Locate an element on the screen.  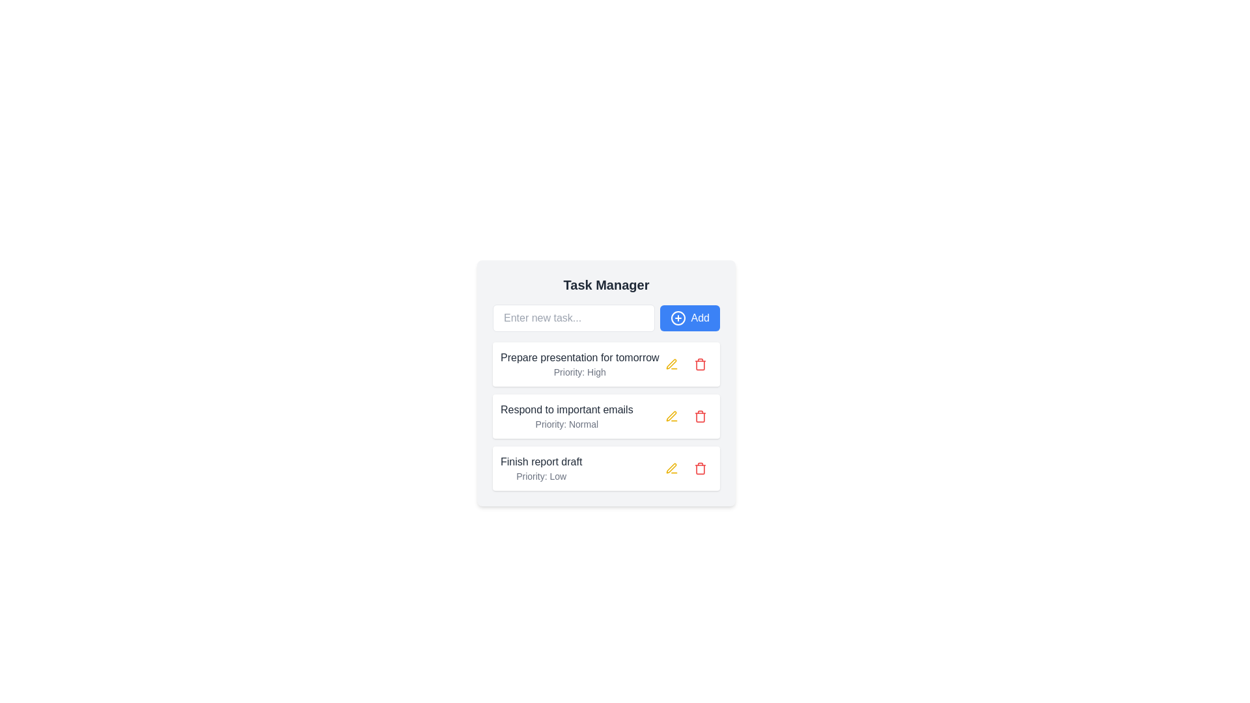
the text display element representing a task in the task management application, located in the second position from the top within a vertical list of task cards is located at coordinates (566, 417).